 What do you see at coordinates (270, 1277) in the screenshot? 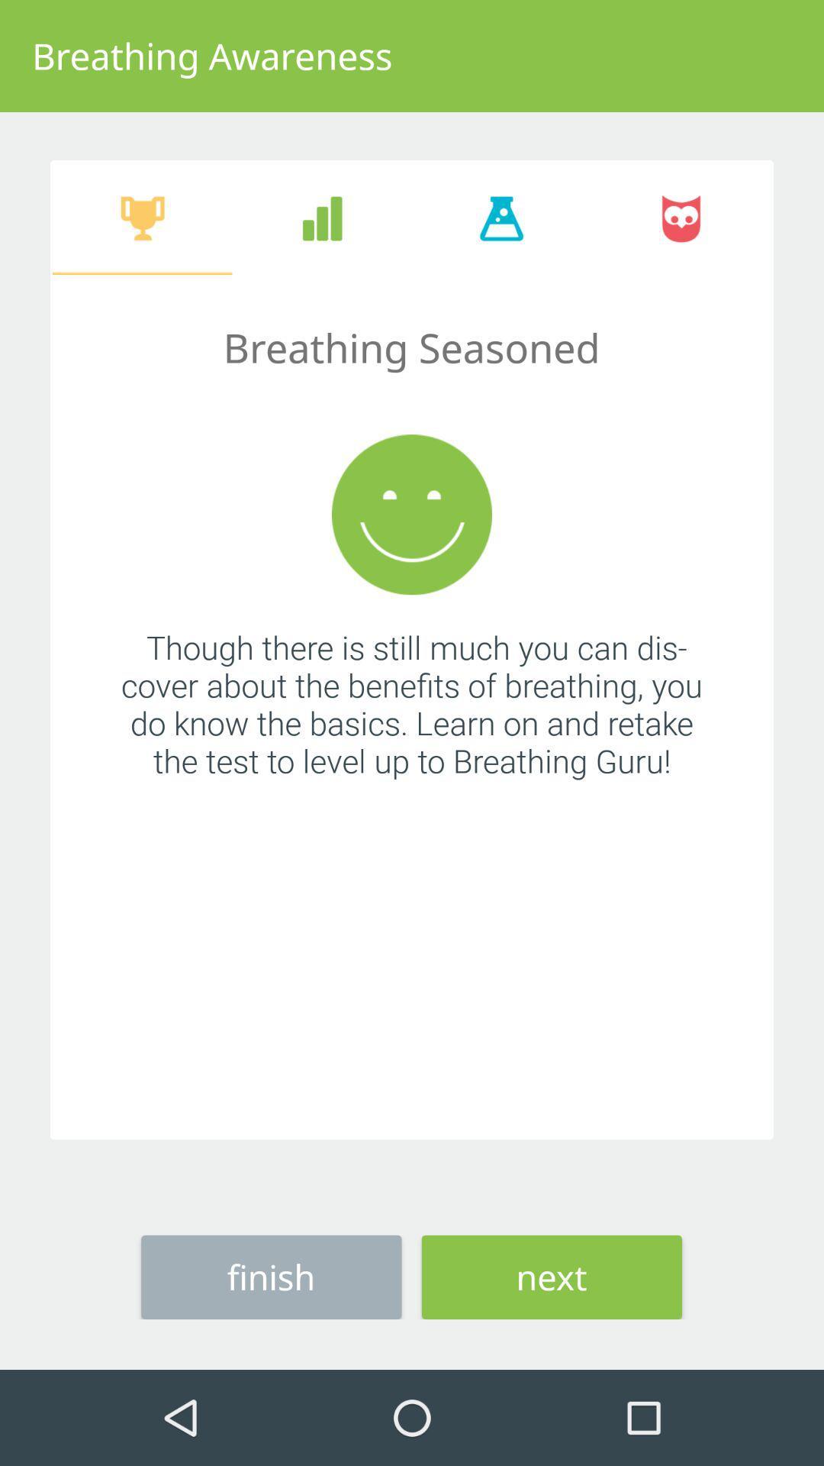
I see `the button at the bottom left corner` at bounding box center [270, 1277].